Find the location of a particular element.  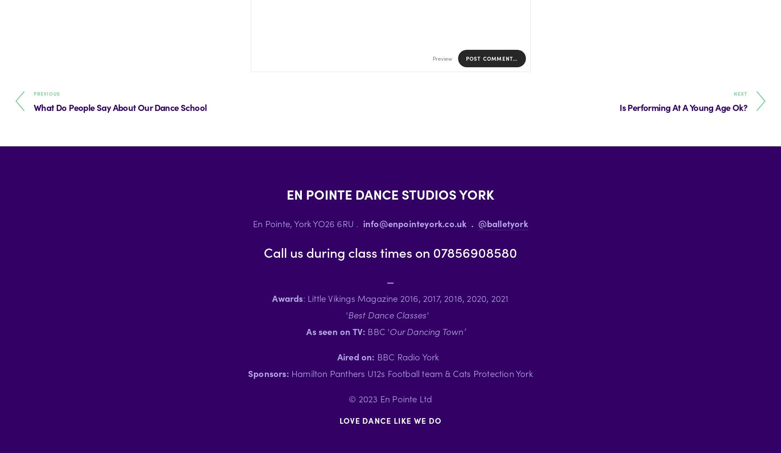

'What do people say about our dance school' is located at coordinates (33, 107).